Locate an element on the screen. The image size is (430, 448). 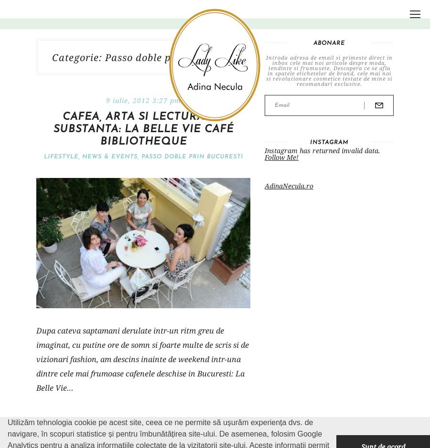
'9 iulie, 2012 3:27 pm' is located at coordinates (106, 100).